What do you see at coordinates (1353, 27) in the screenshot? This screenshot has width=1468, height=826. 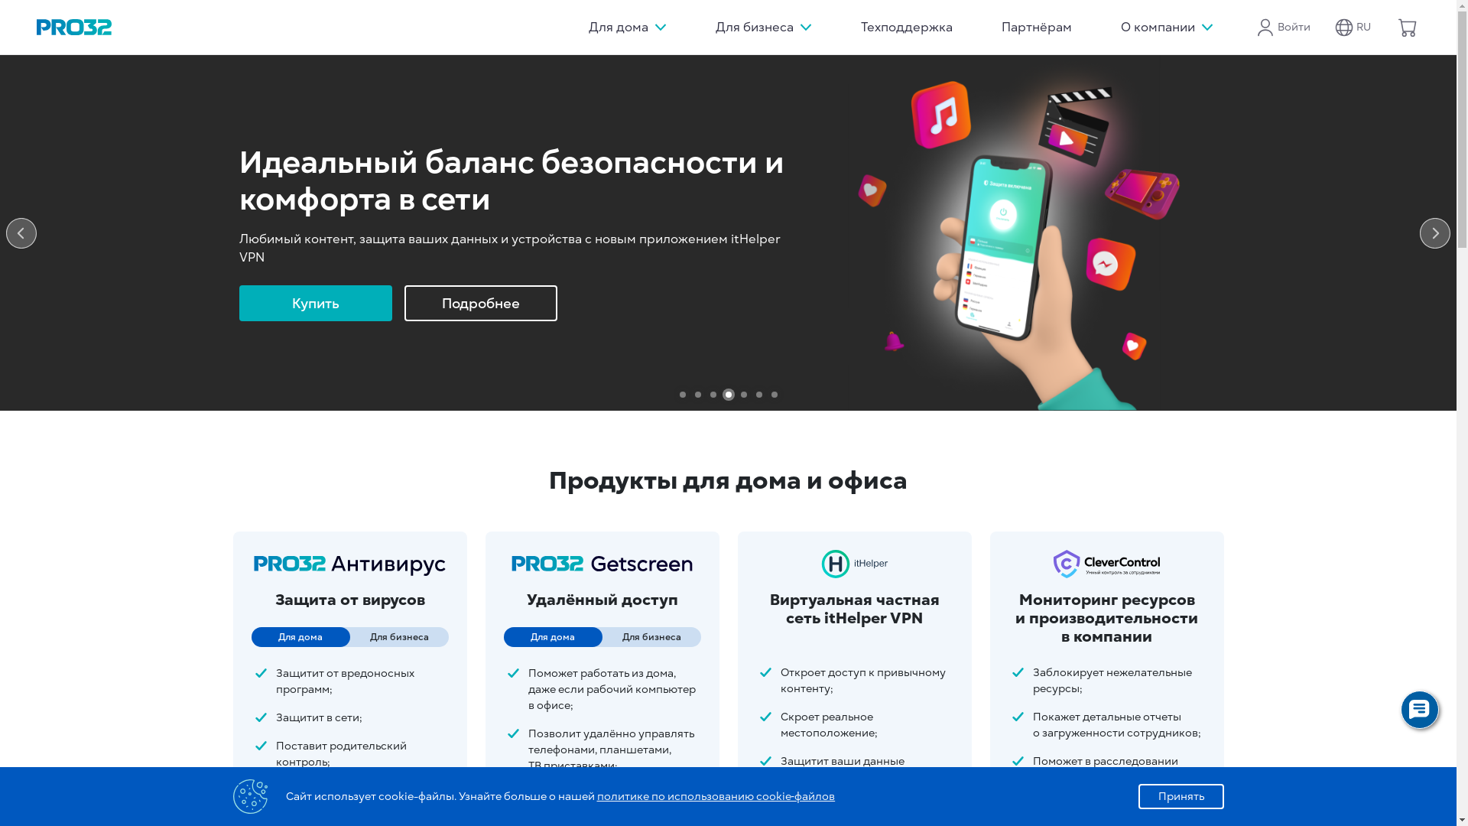 I see `'RU'` at bounding box center [1353, 27].